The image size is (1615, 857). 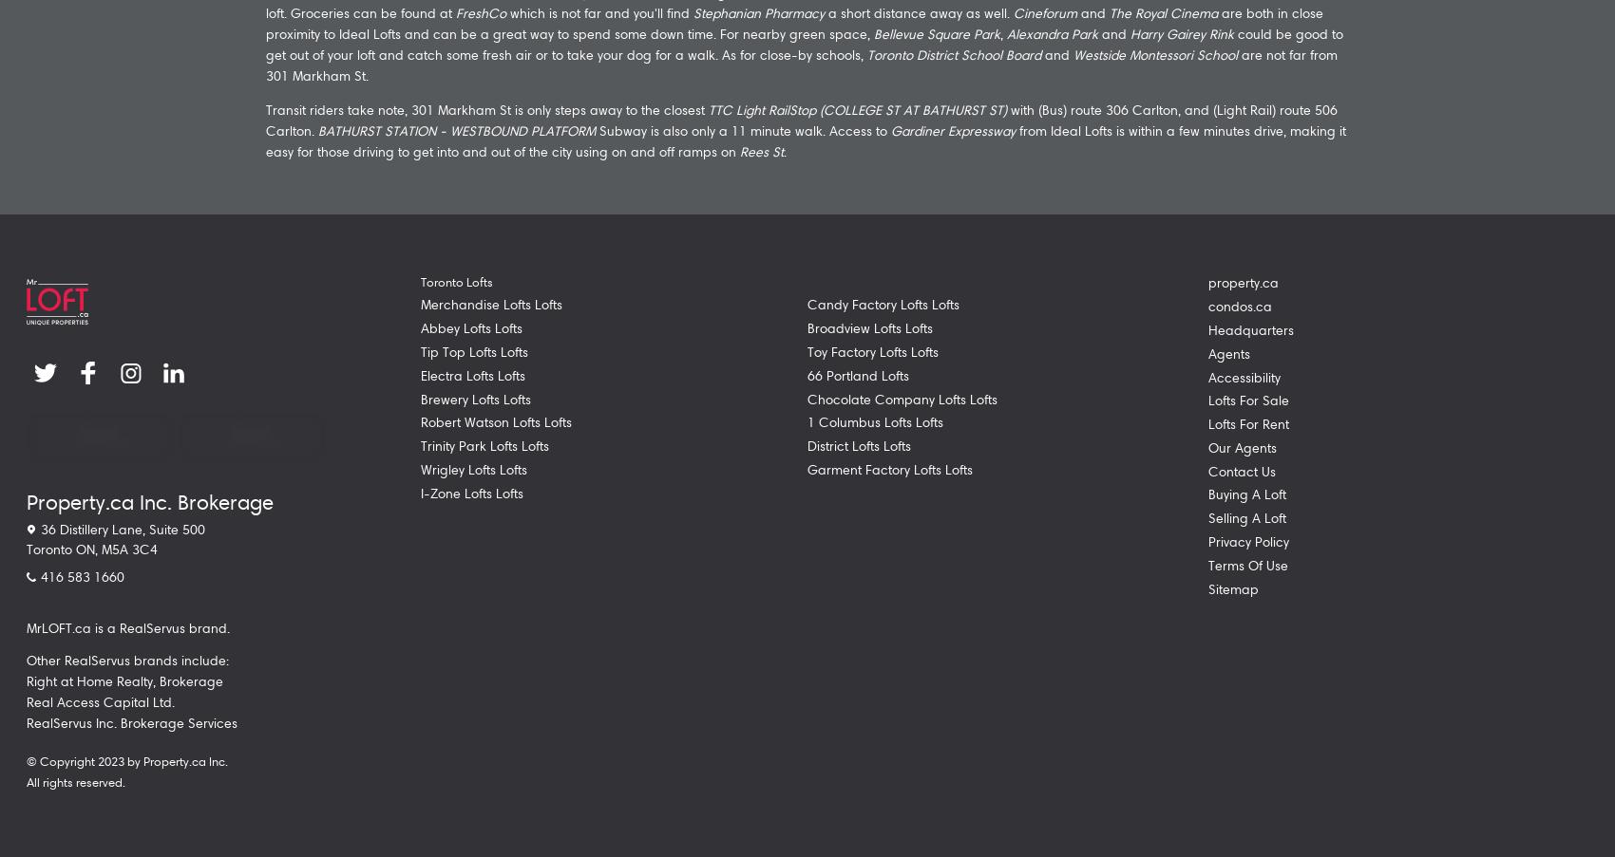 What do you see at coordinates (456, 128) in the screenshot?
I see `'BATHURST STATION - WESTBOUND PLATFORM'` at bounding box center [456, 128].